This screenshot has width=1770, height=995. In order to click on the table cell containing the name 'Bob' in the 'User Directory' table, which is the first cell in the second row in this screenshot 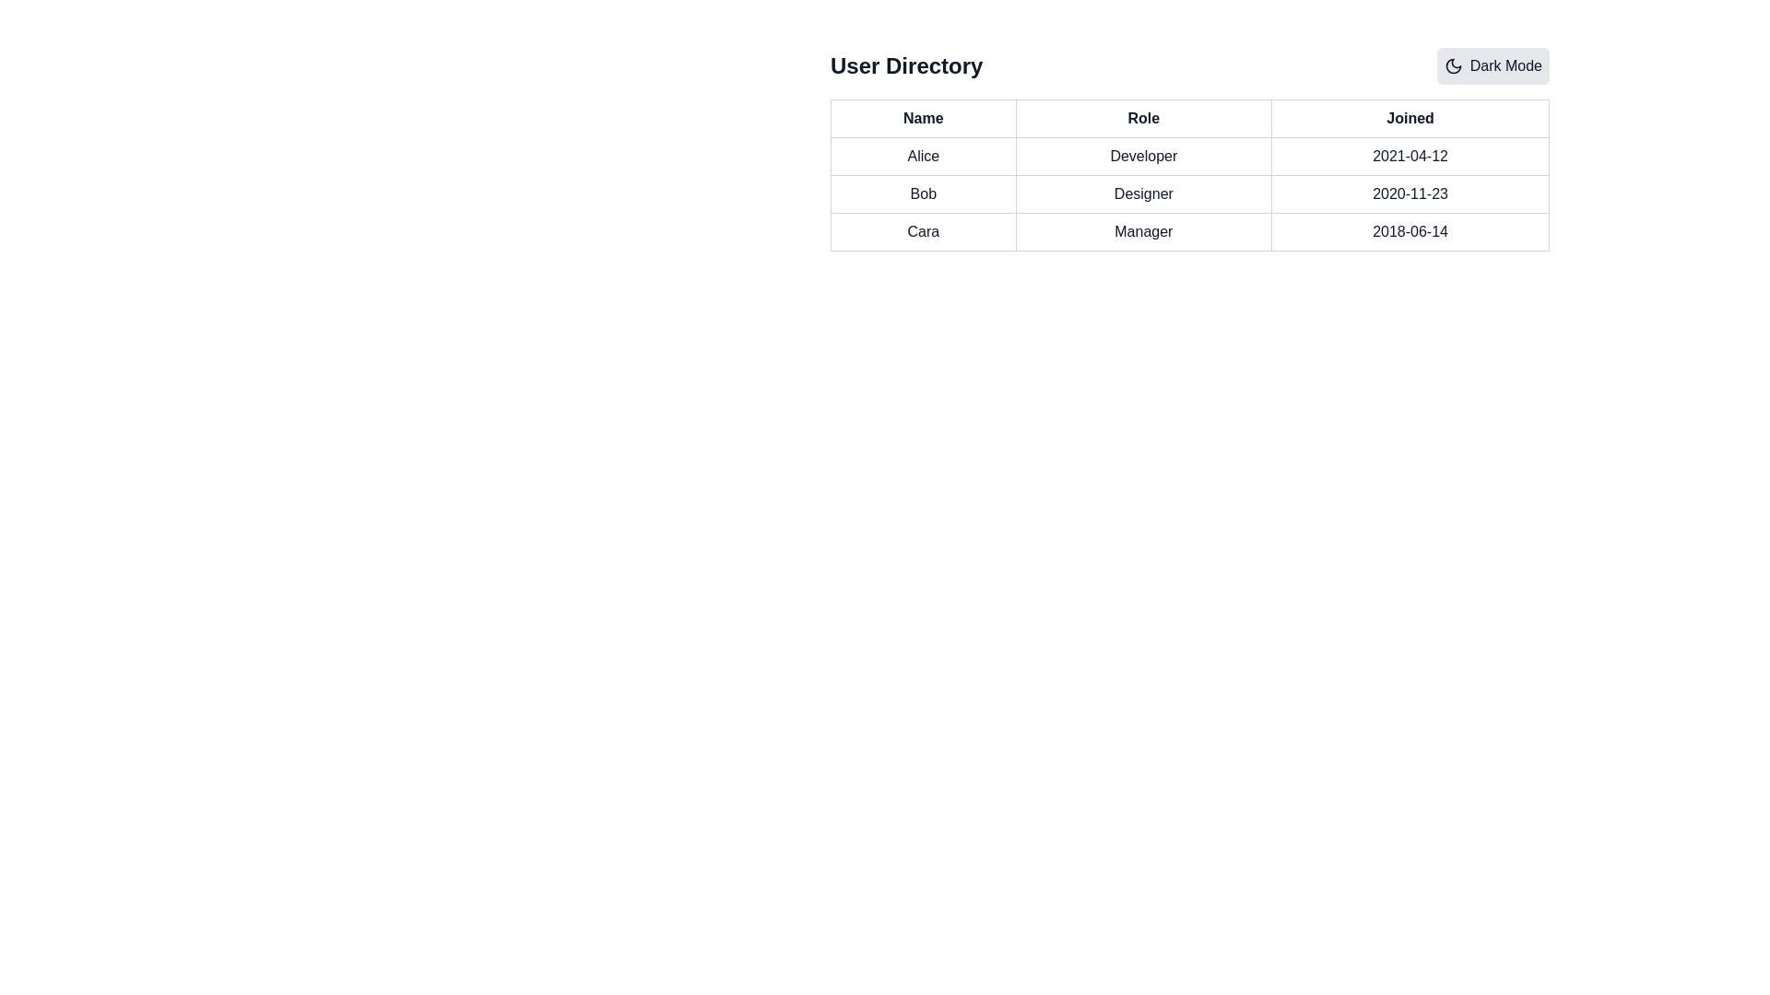, I will do `click(923, 194)`.